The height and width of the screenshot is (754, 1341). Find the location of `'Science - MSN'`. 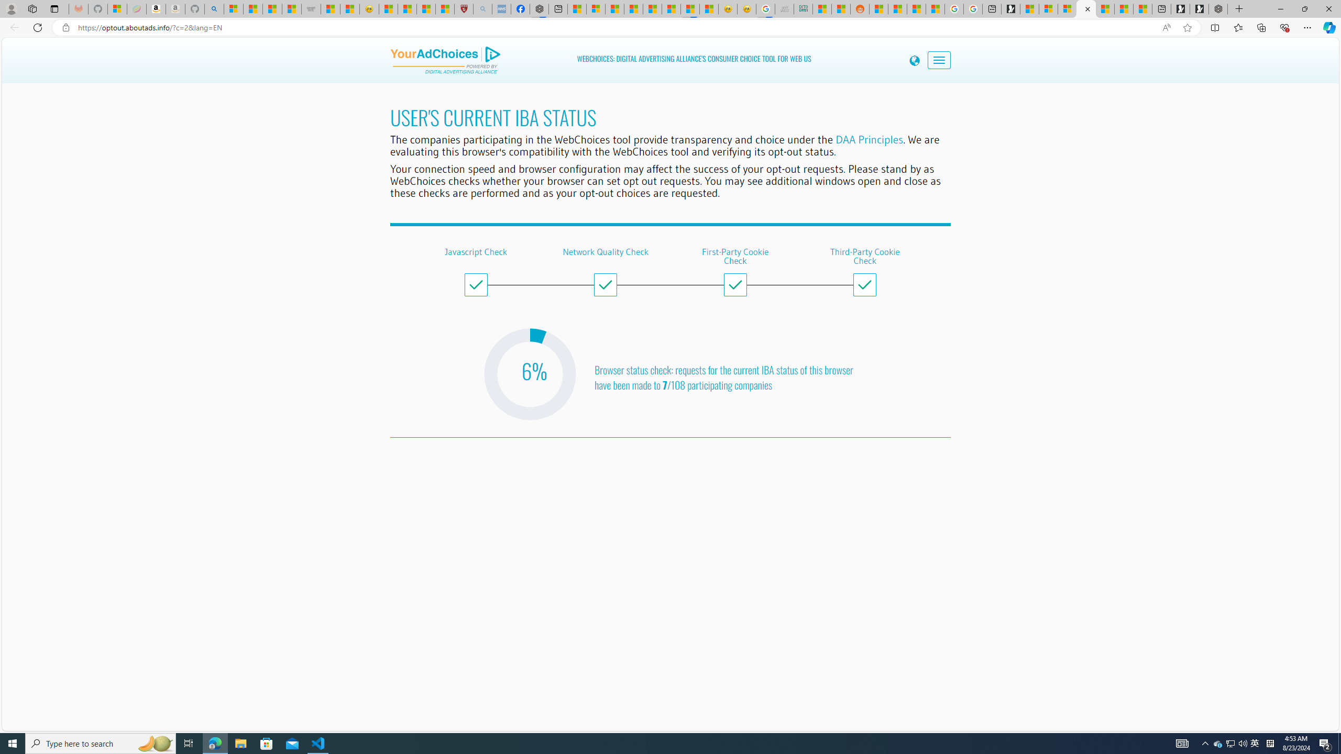

'Science - MSN' is located at coordinates (425, 8).